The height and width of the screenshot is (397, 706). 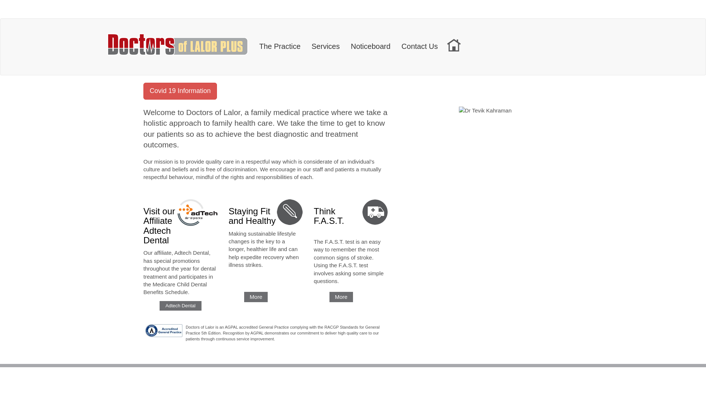 What do you see at coordinates (180, 306) in the screenshot?
I see `'Adtech Dental'` at bounding box center [180, 306].